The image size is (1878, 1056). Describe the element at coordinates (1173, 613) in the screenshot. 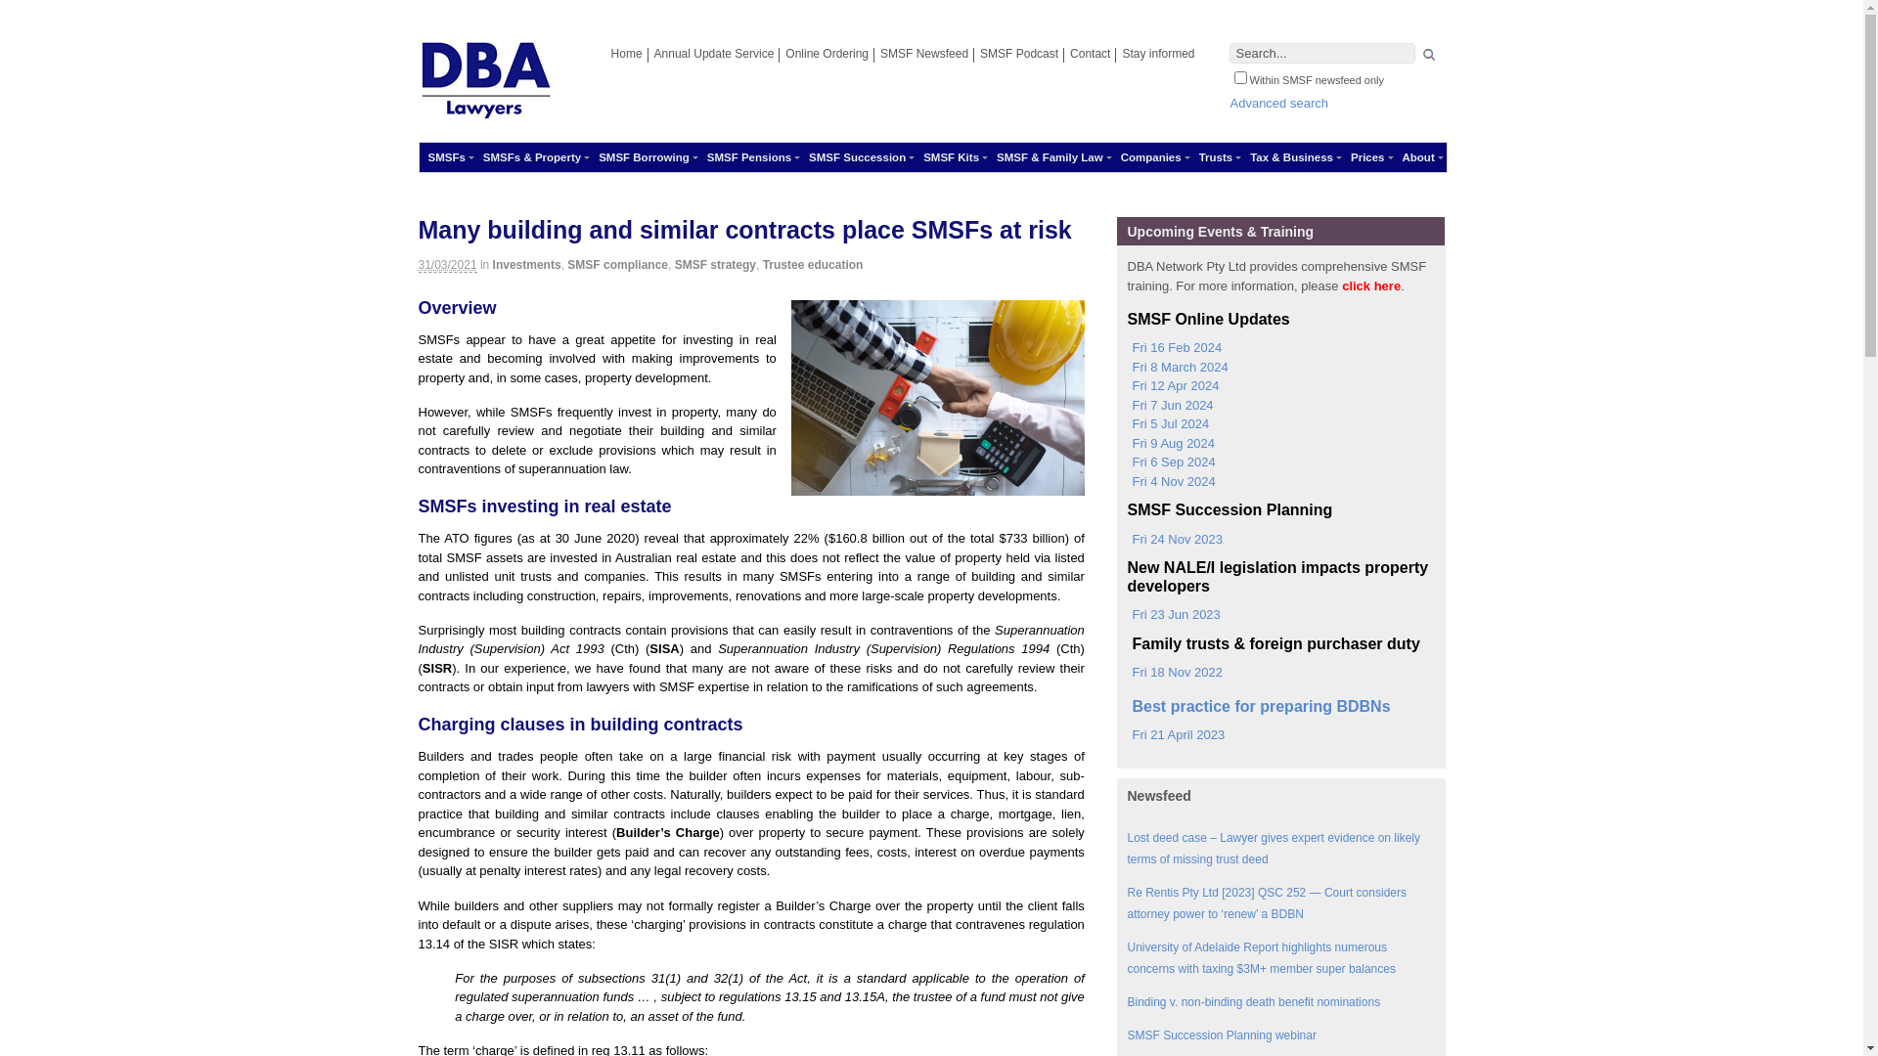

I see `'Fri 23 Jun 2023'` at that location.